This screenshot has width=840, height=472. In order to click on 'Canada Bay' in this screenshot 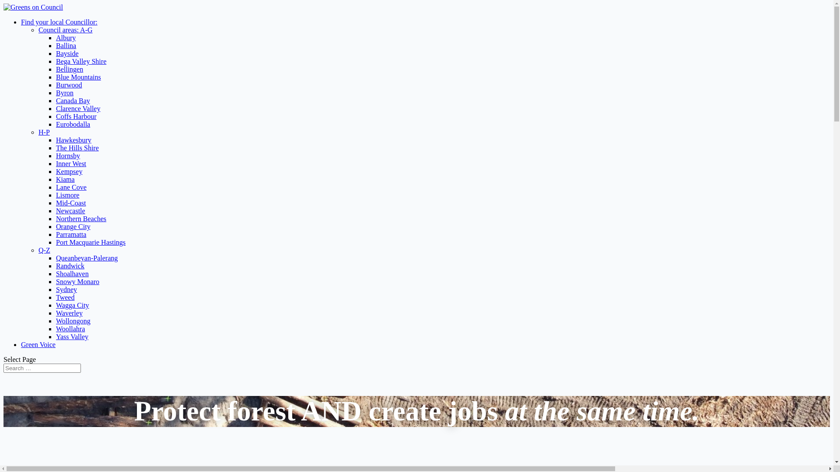, I will do `click(73, 100)`.